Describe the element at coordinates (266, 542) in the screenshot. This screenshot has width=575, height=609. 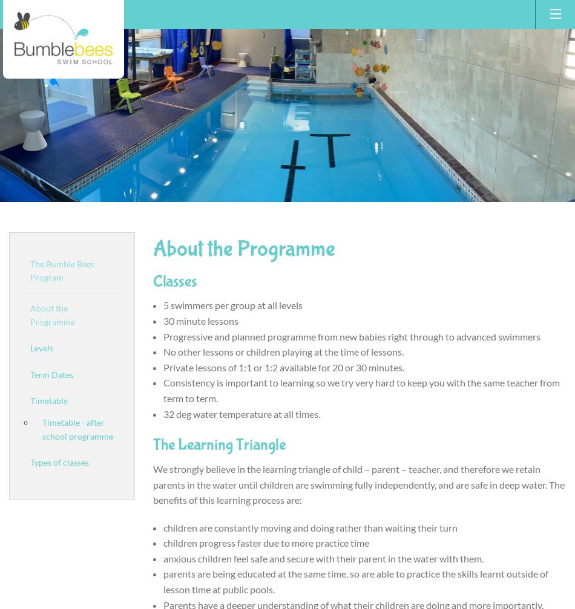
I see `'children progress faster due to more practice time'` at that location.